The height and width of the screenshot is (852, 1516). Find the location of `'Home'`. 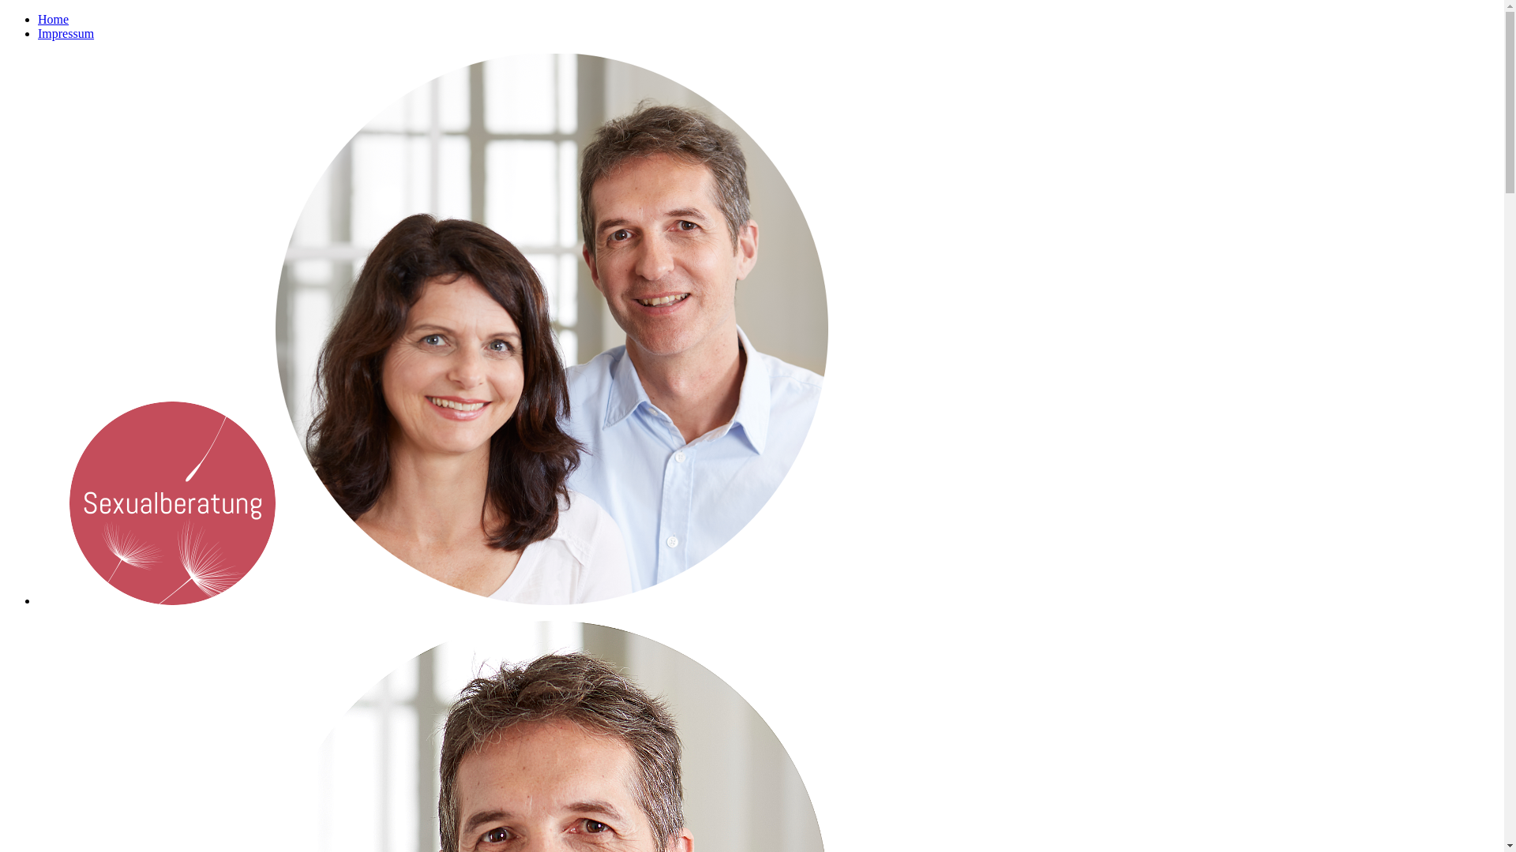

'Home' is located at coordinates (53, 19).